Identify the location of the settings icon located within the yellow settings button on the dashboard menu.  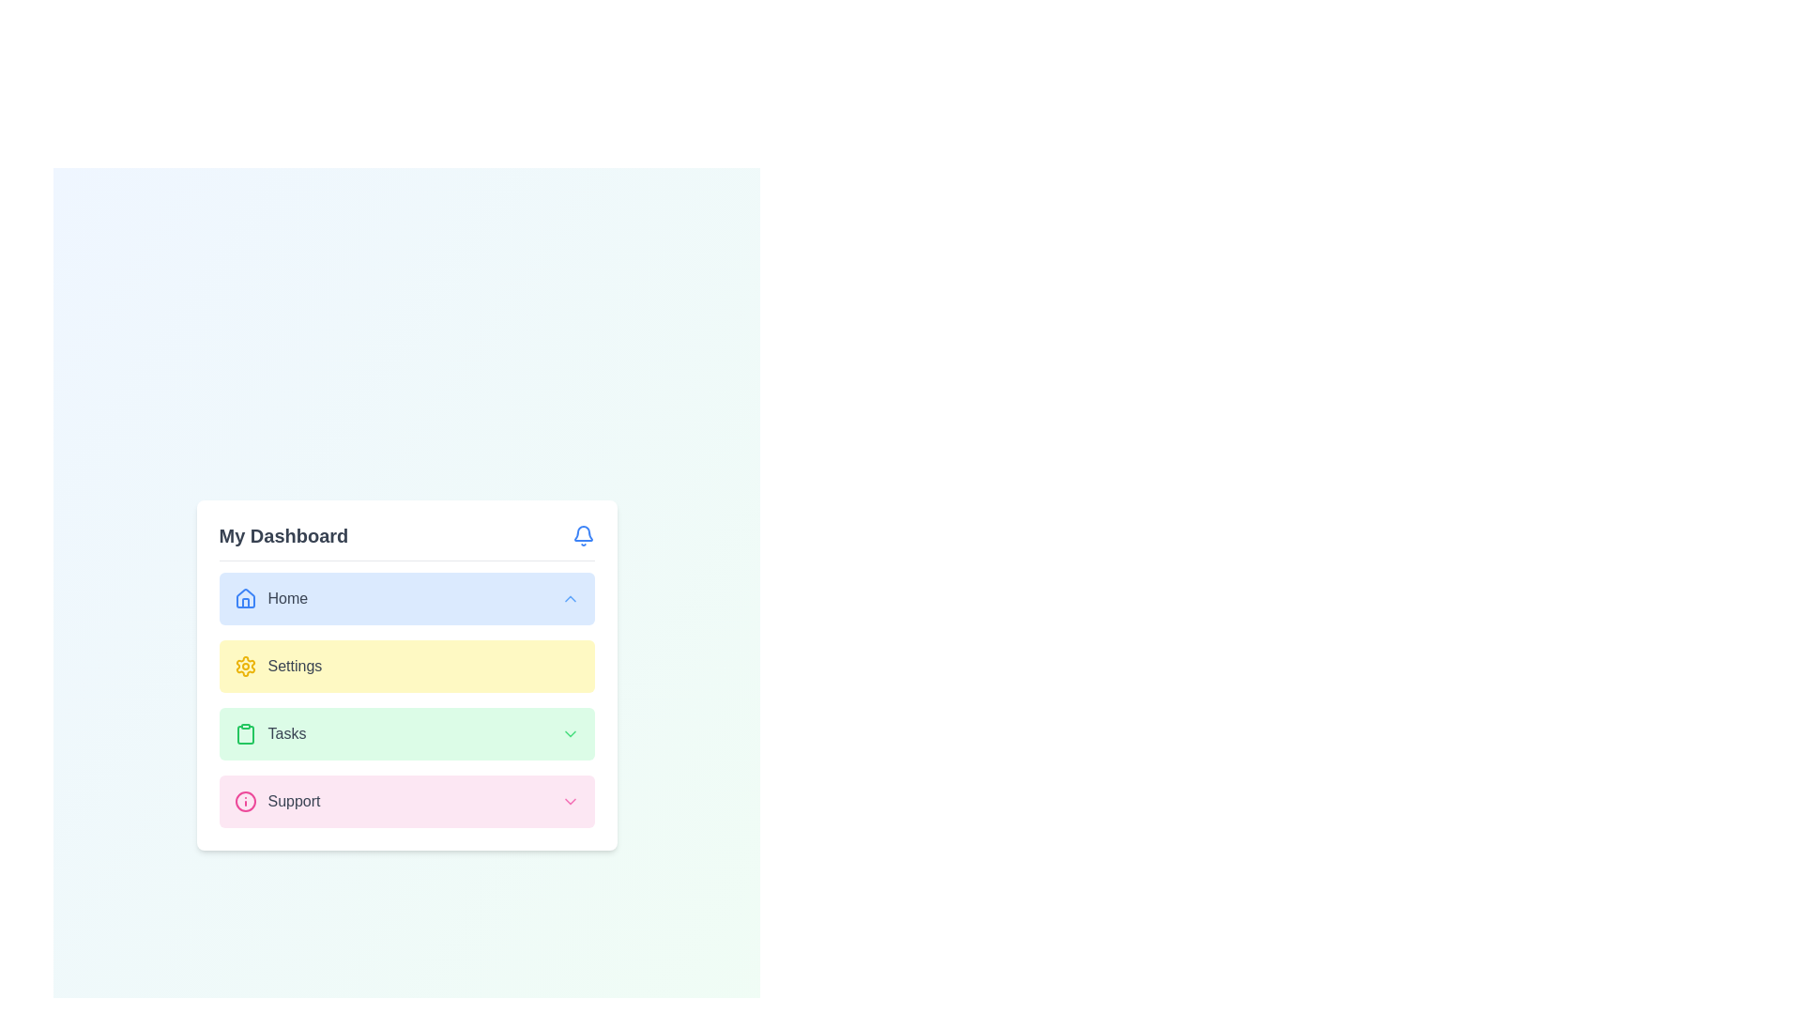
(244, 665).